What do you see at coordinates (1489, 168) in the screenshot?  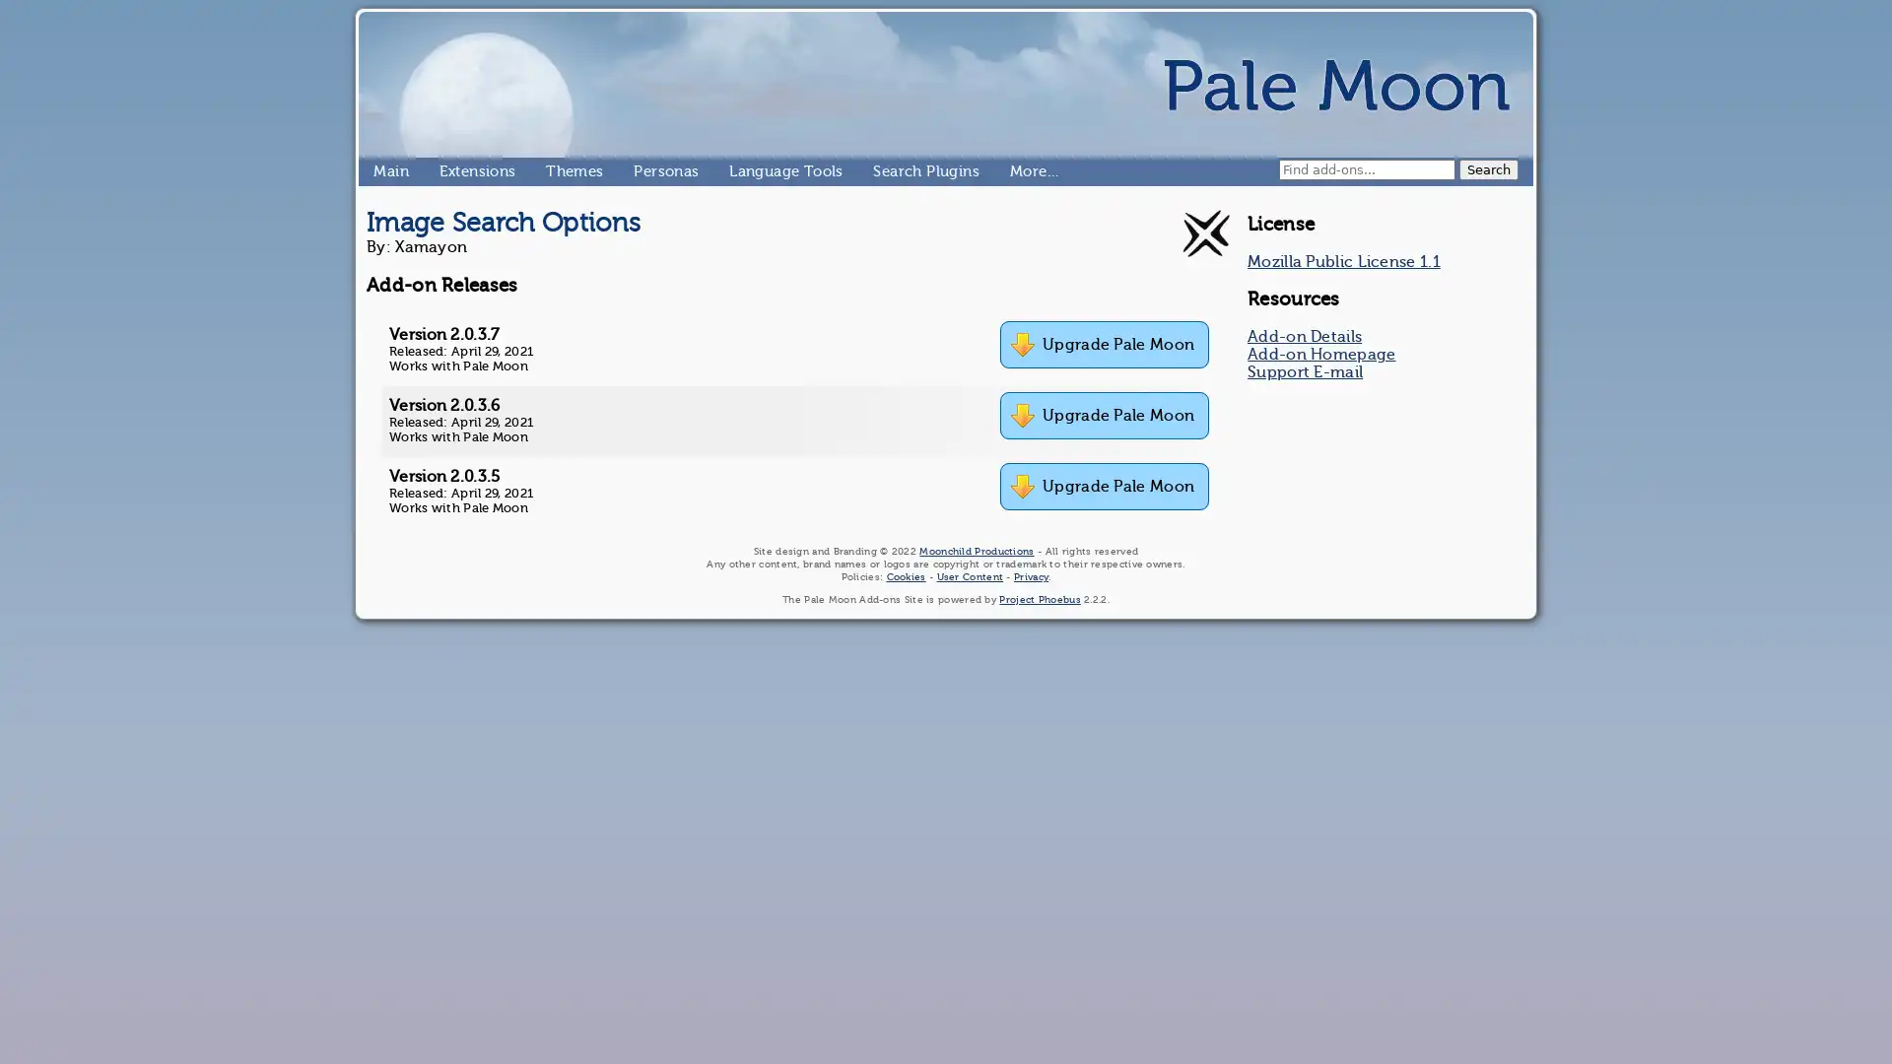 I see `Search` at bounding box center [1489, 168].